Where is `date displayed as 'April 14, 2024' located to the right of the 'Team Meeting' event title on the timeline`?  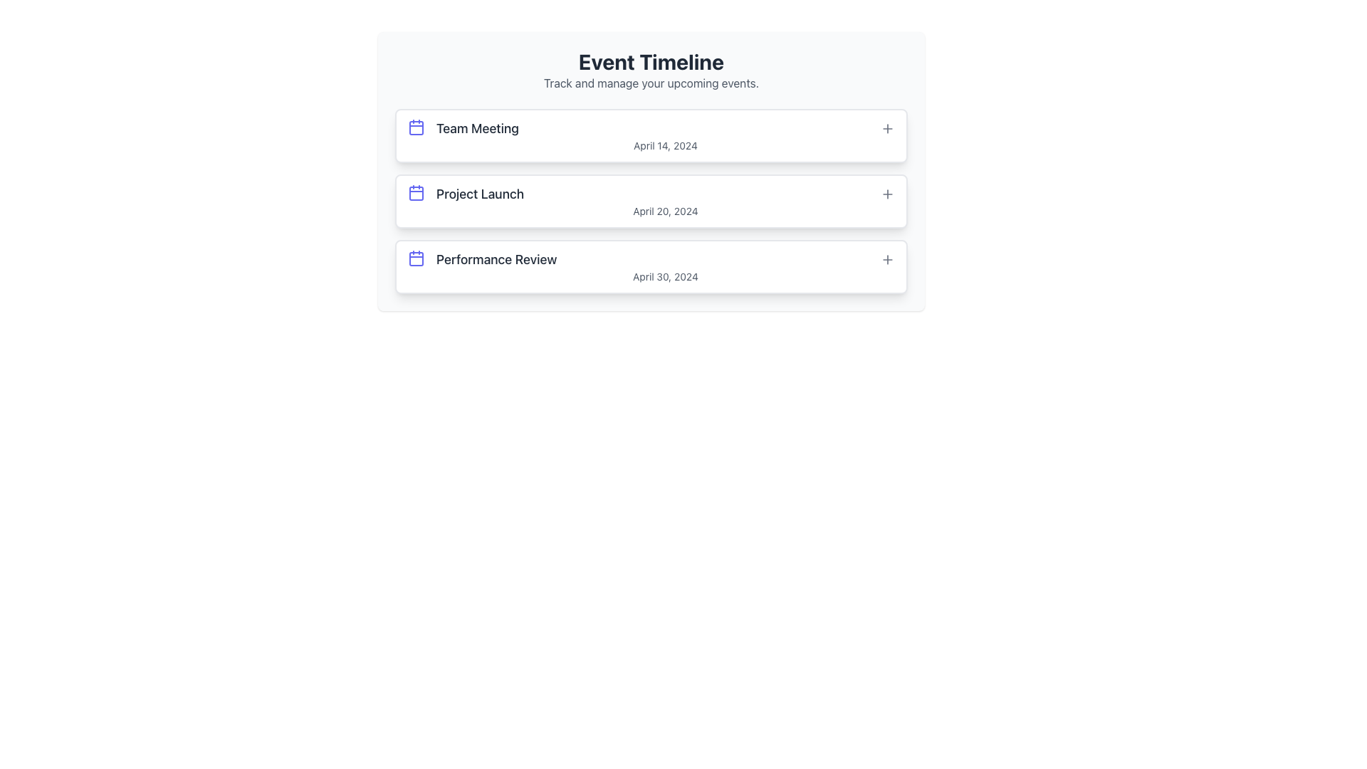 date displayed as 'April 14, 2024' located to the right of the 'Team Meeting' event title on the timeline is located at coordinates (665, 145).